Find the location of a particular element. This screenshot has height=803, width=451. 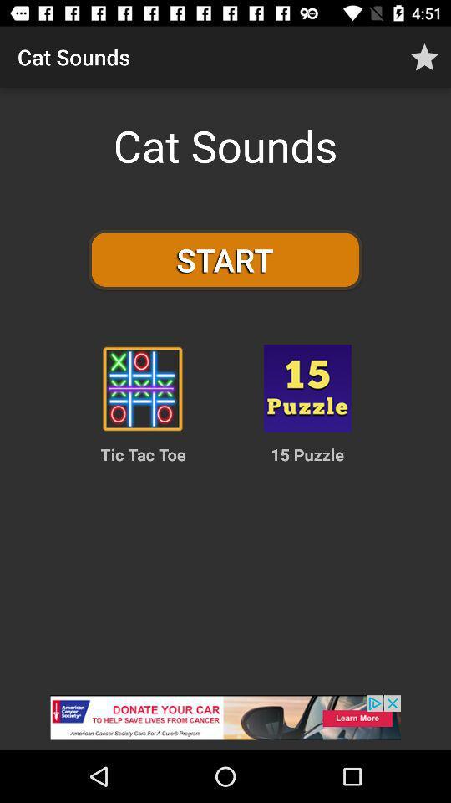

open advertisements is located at coordinates (225, 722).